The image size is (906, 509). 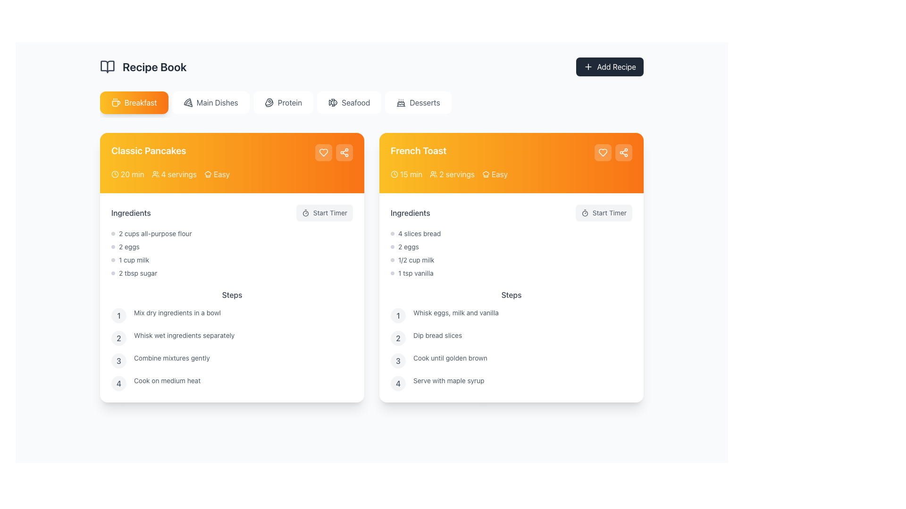 What do you see at coordinates (415, 273) in the screenshot?
I see `text in the Label element displaying '1 tsp vanilla', which is styled in a small gray font and located in the 'Ingredients' section of the French Toast recipe card` at bounding box center [415, 273].